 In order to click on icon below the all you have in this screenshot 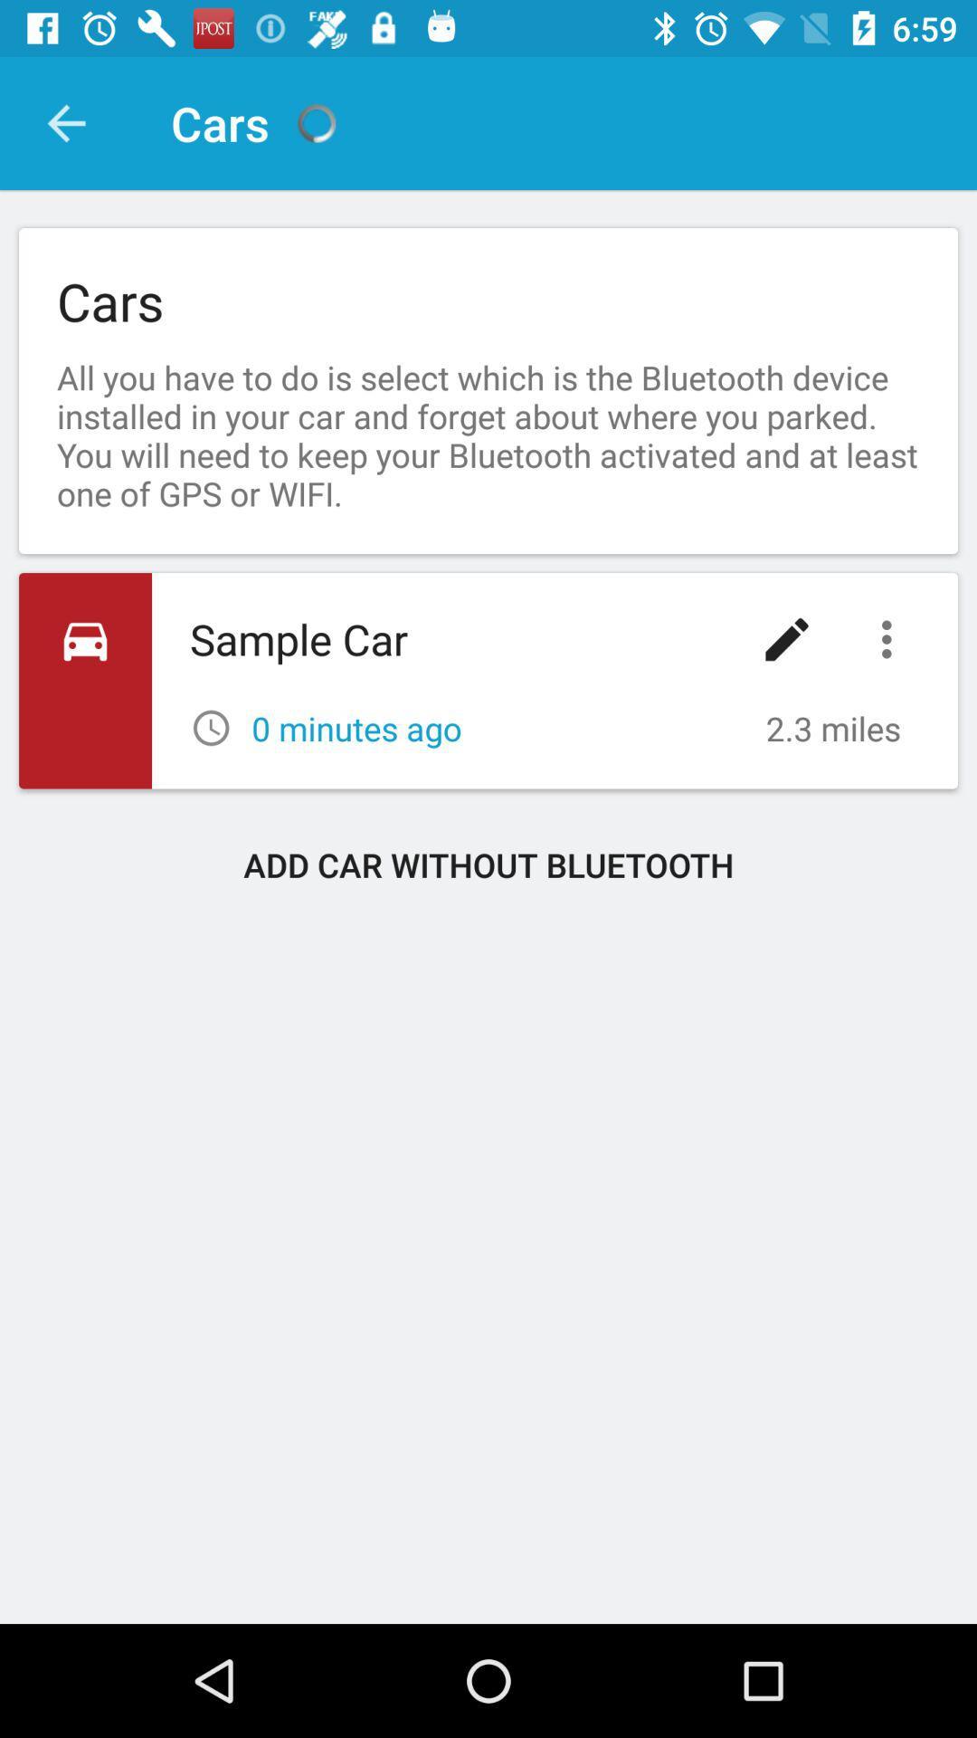, I will do `click(890, 639)`.